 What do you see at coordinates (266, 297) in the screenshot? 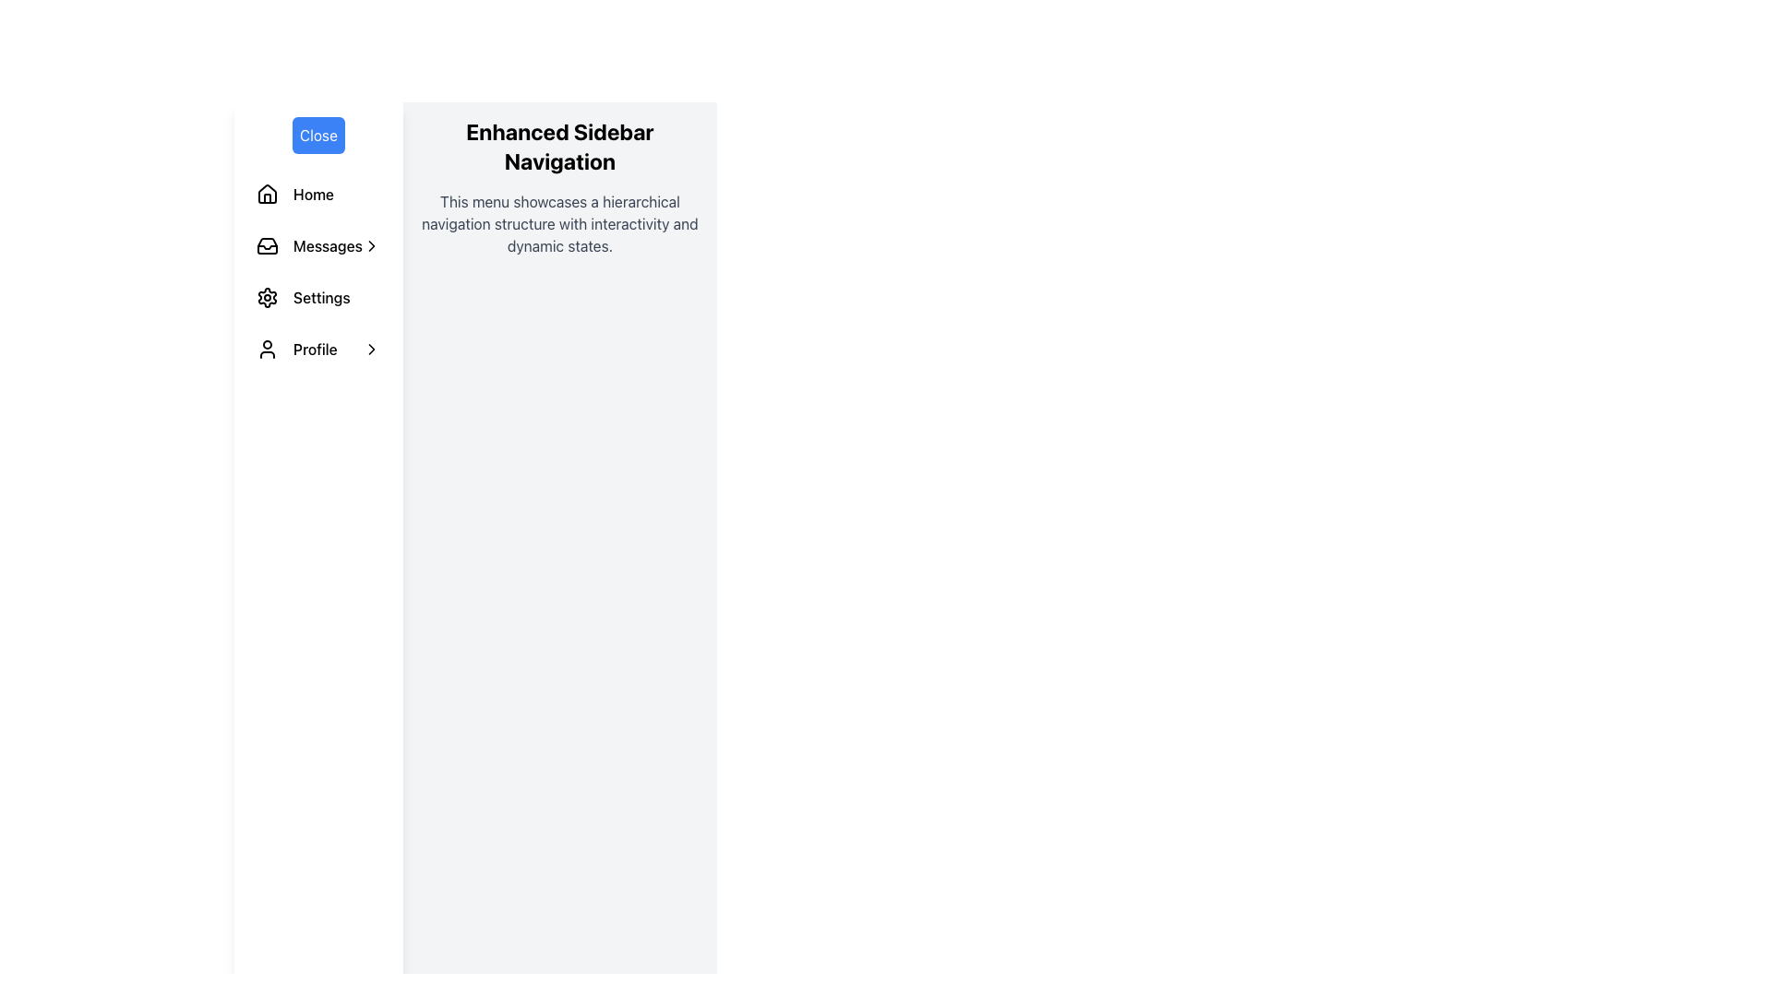
I see `the gear icon located in the sidebar menu, which is the leftmost icon in the 'Settings' menu item, positioned directly to the left of the 'Settings' text` at bounding box center [266, 297].